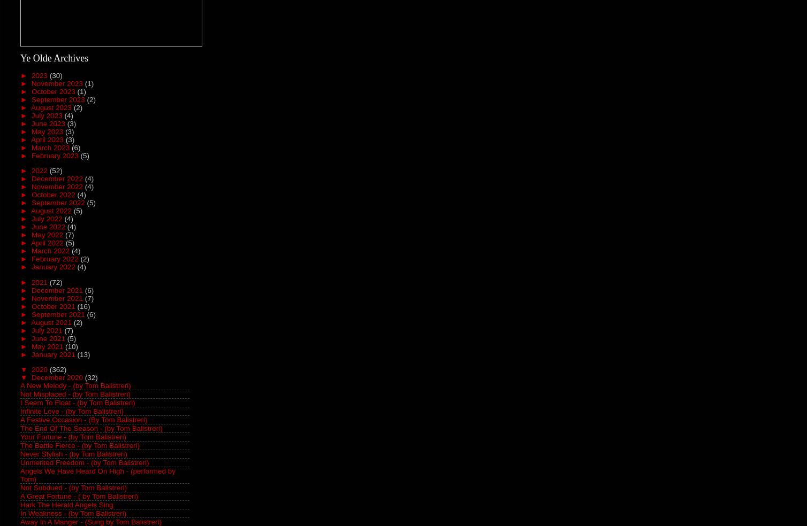 Image resolution: width=807 pixels, height=526 pixels. What do you see at coordinates (54, 194) in the screenshot?
I see `'October 2022'` at bounding box center [54, 194].